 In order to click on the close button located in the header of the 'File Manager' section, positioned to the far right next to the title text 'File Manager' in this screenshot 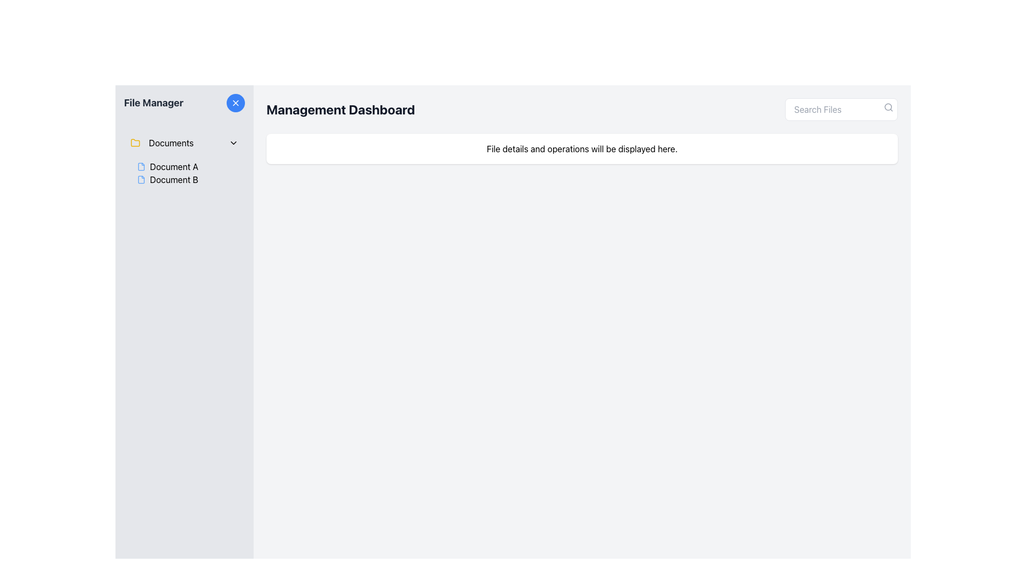, I will do `click(235, 103)`.